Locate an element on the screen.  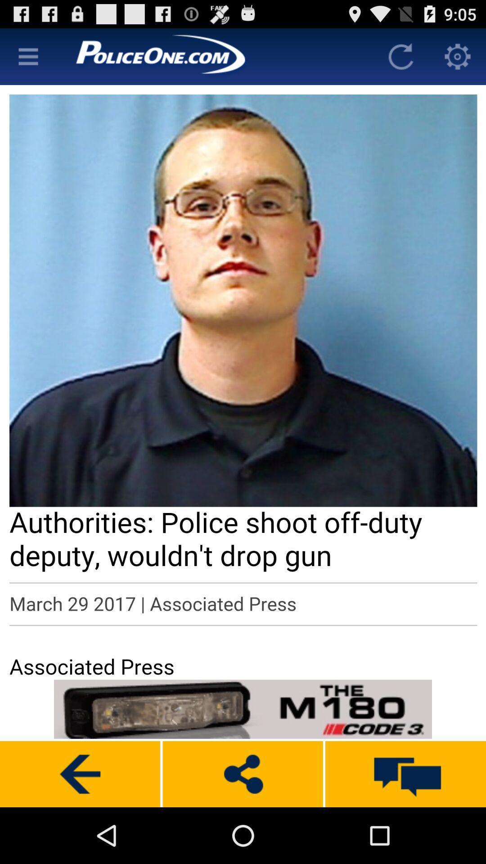
messages is located at coordinates (405, 774).